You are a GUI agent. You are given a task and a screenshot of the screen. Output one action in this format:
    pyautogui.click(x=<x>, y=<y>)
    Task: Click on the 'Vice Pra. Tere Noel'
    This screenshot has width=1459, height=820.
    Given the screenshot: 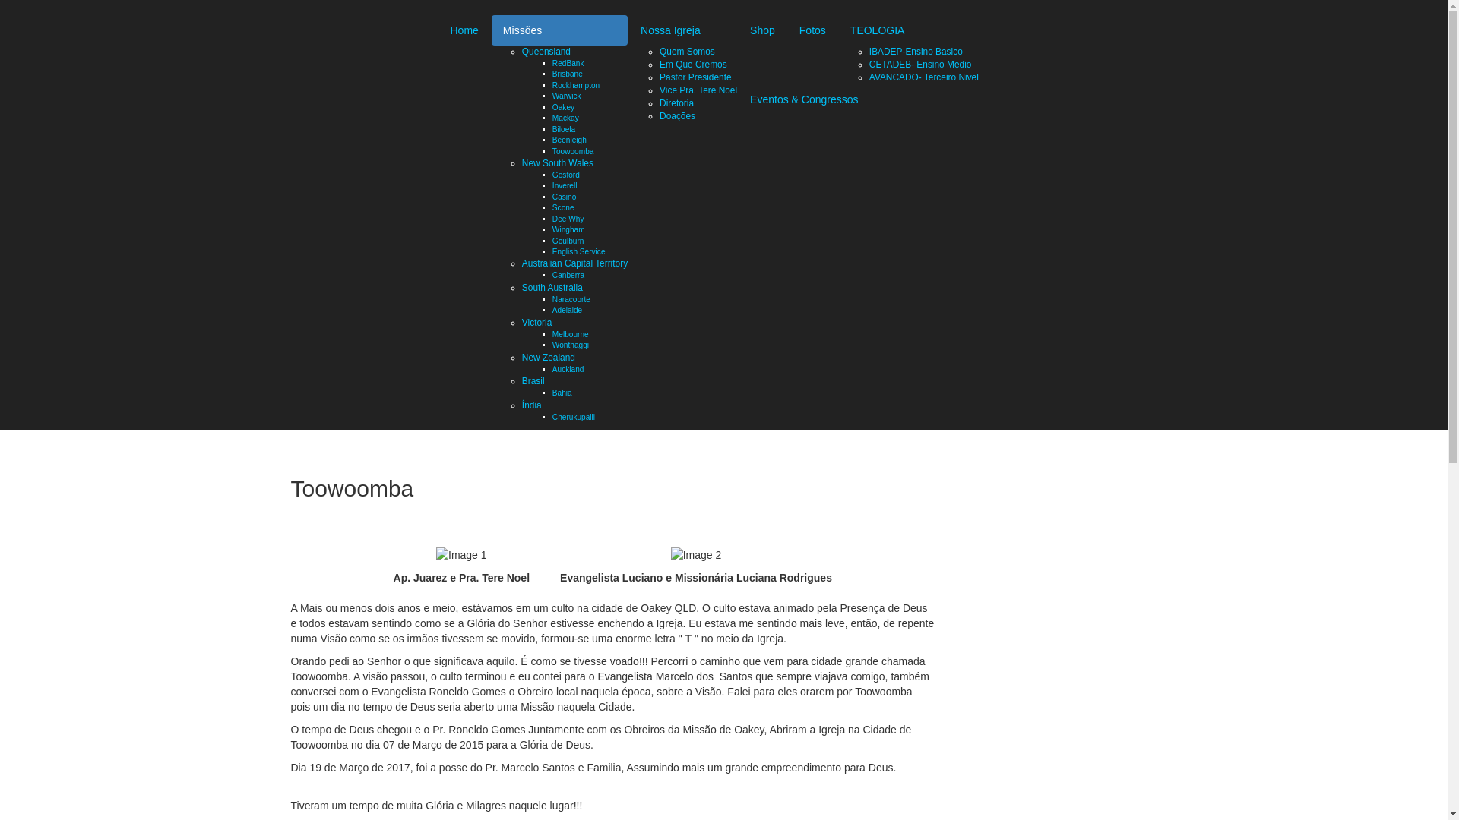 What is the action you would take?
    pyautogui.click(x=697, y=90)
    